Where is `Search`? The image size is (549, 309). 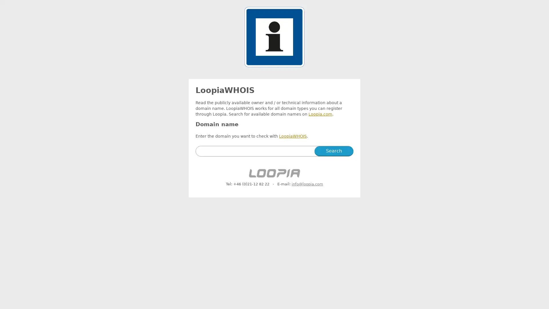 Search is located at coordinates (334, 151).